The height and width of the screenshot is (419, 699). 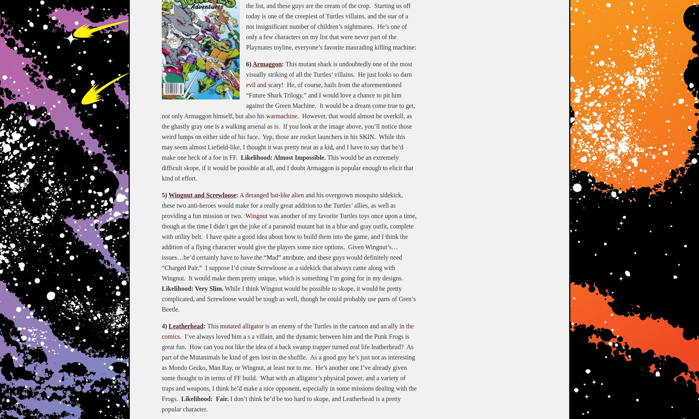 I want to click on 'warmachine', so click(x=282, y=115).